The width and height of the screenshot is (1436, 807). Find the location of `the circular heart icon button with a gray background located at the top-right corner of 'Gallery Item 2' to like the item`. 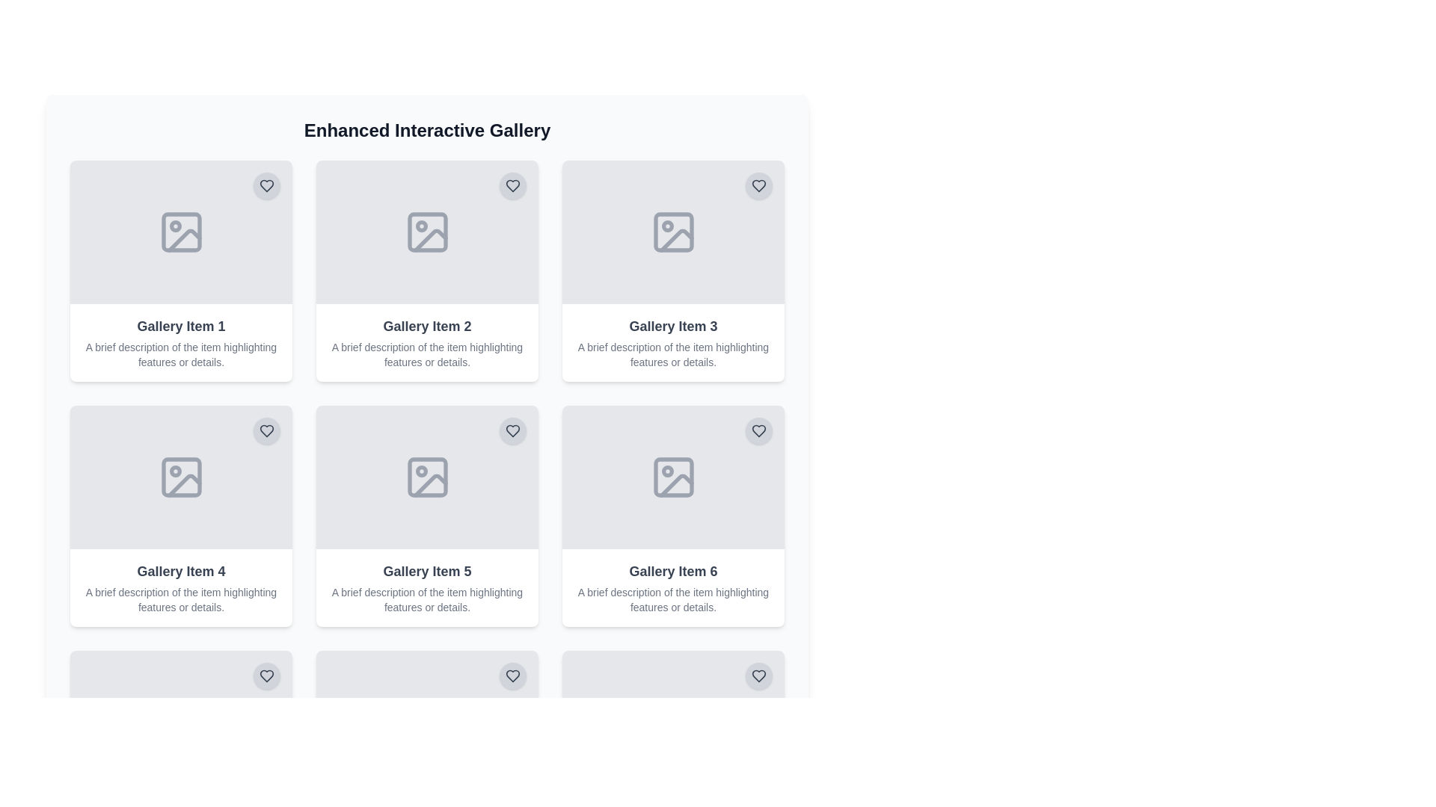

the circular heart icon button with a gray background located at the top-right corner of 'Gallery Item 2' to like the item is located at coordinates (513, 185).